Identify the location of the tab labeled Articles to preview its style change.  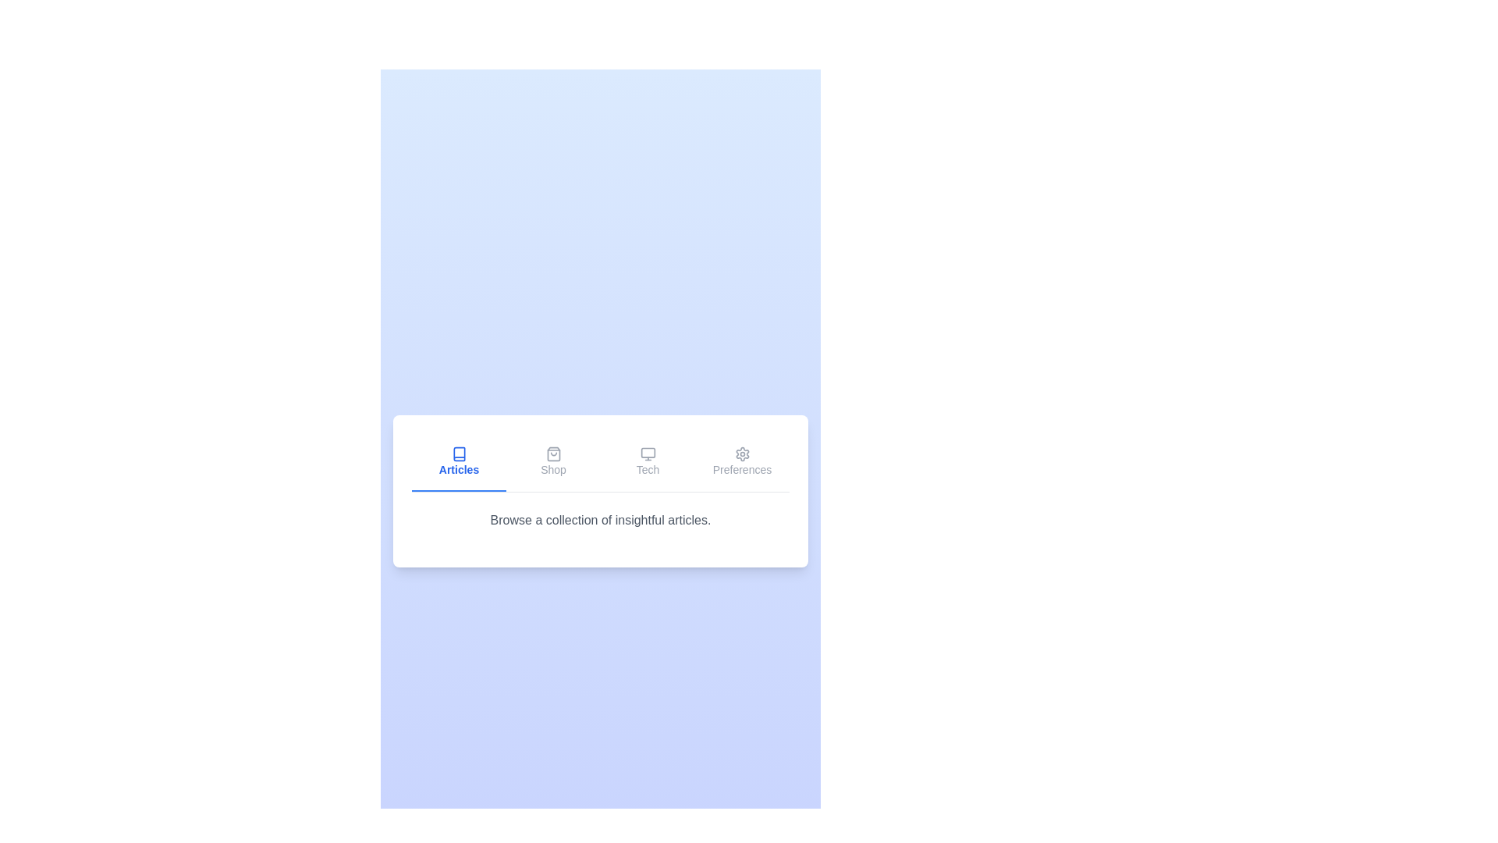
(458, 461).